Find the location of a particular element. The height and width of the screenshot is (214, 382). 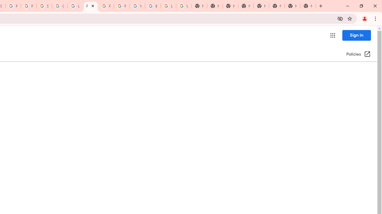

'Google apps' is located at coordinates (332, 35).